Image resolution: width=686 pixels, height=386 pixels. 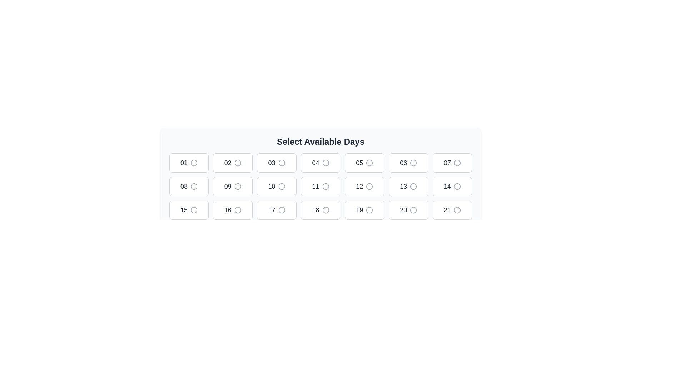 I want to click on the selectable button representing day 2, located under the 'Select Available Days' heading, so click(x=233, y=163).